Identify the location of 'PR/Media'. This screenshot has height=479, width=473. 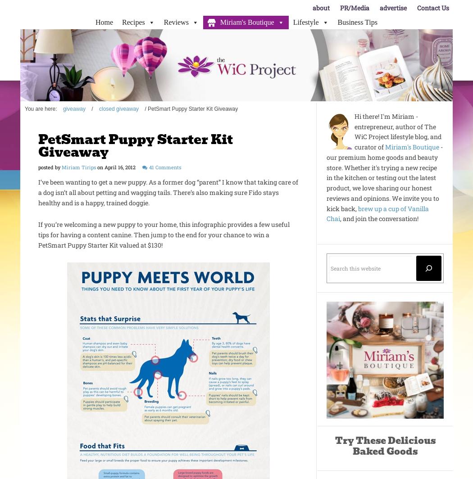
(355, 8).